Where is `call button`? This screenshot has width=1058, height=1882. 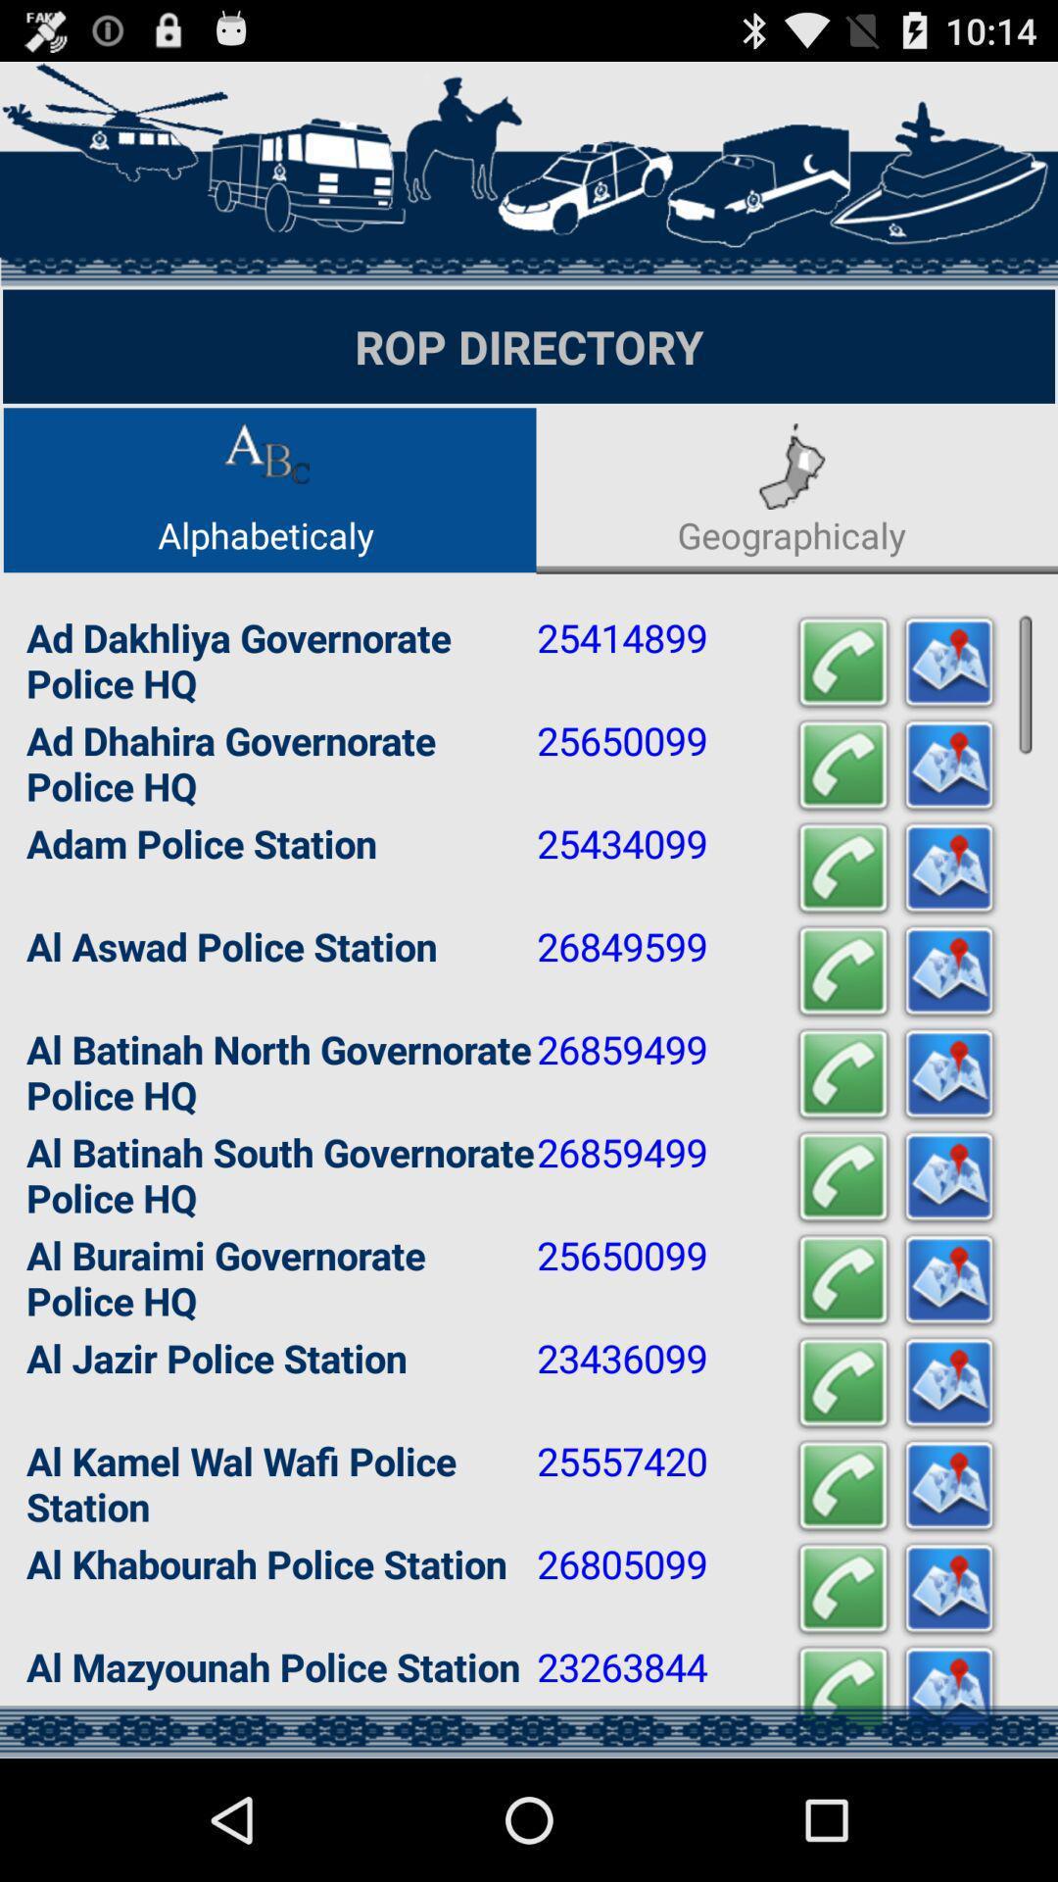
call button is located at coordinates (842, 663).